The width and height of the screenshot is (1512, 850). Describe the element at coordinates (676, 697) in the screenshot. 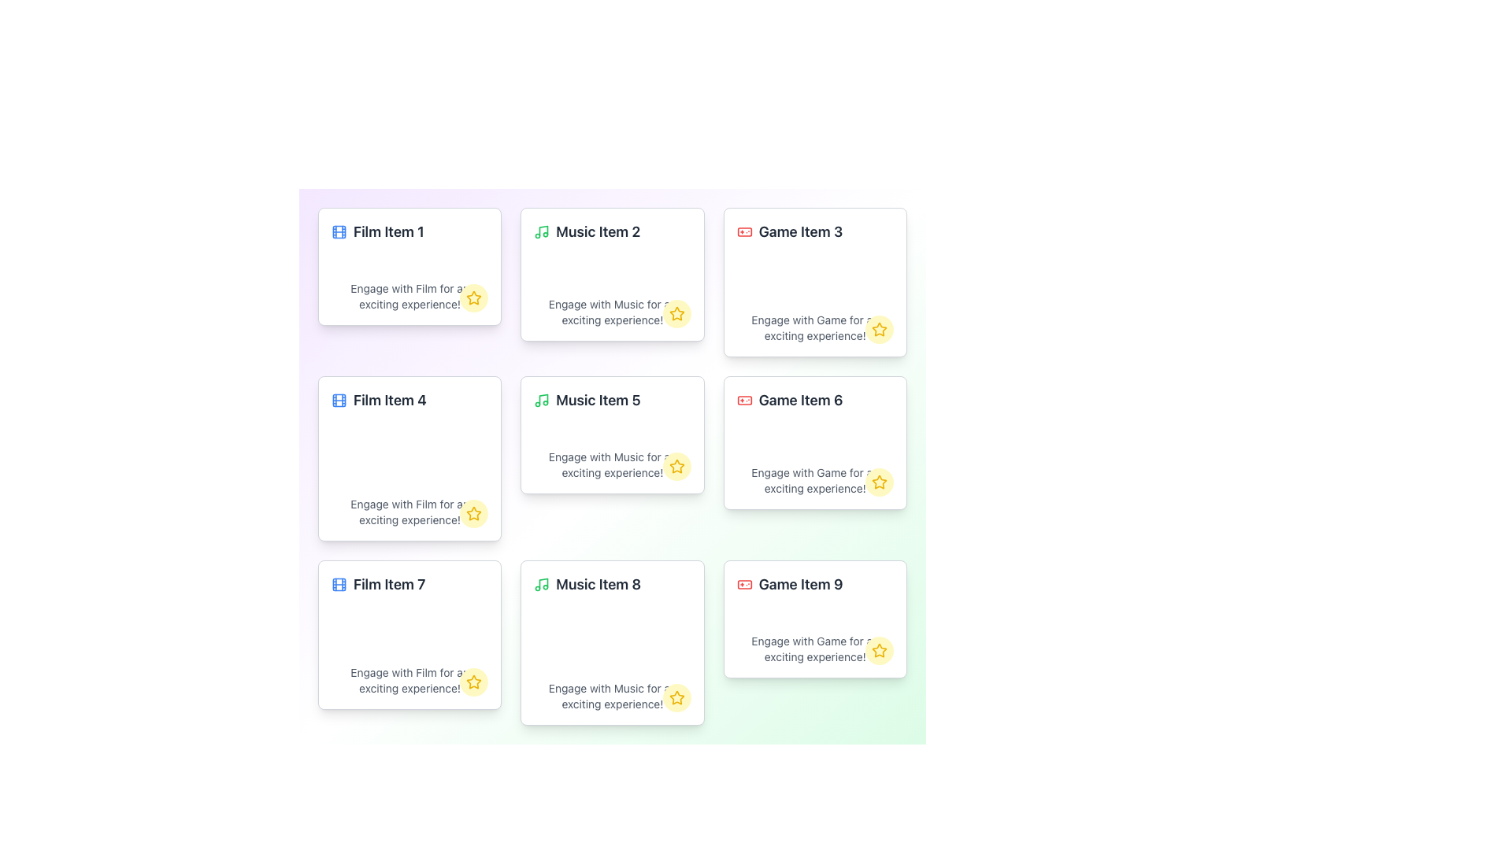

I see `the star-shaped icon with a bold yellow outline, located in the bottom right corner of the card labeled 'Game Item 9'` at that location.